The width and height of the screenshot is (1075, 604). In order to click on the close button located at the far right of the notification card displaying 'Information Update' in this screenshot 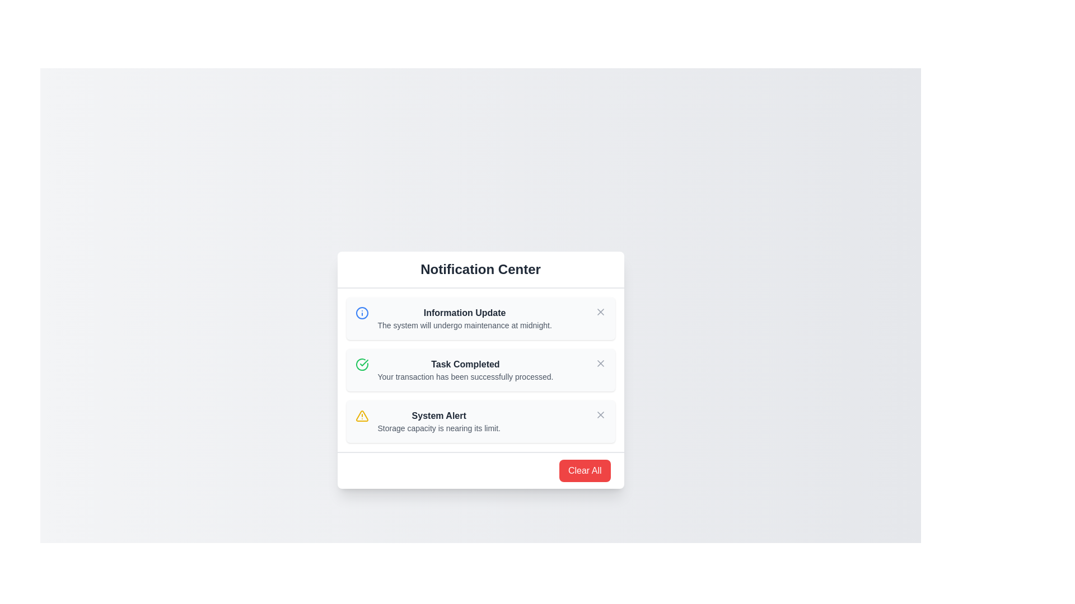, I will do `click(600, 312)`.